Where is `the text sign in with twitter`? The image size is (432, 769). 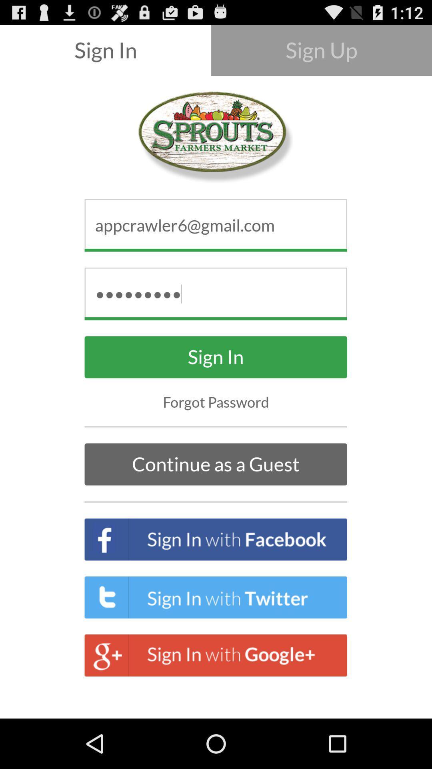
the text sign in with twitter is located at coordinates (216, 597).